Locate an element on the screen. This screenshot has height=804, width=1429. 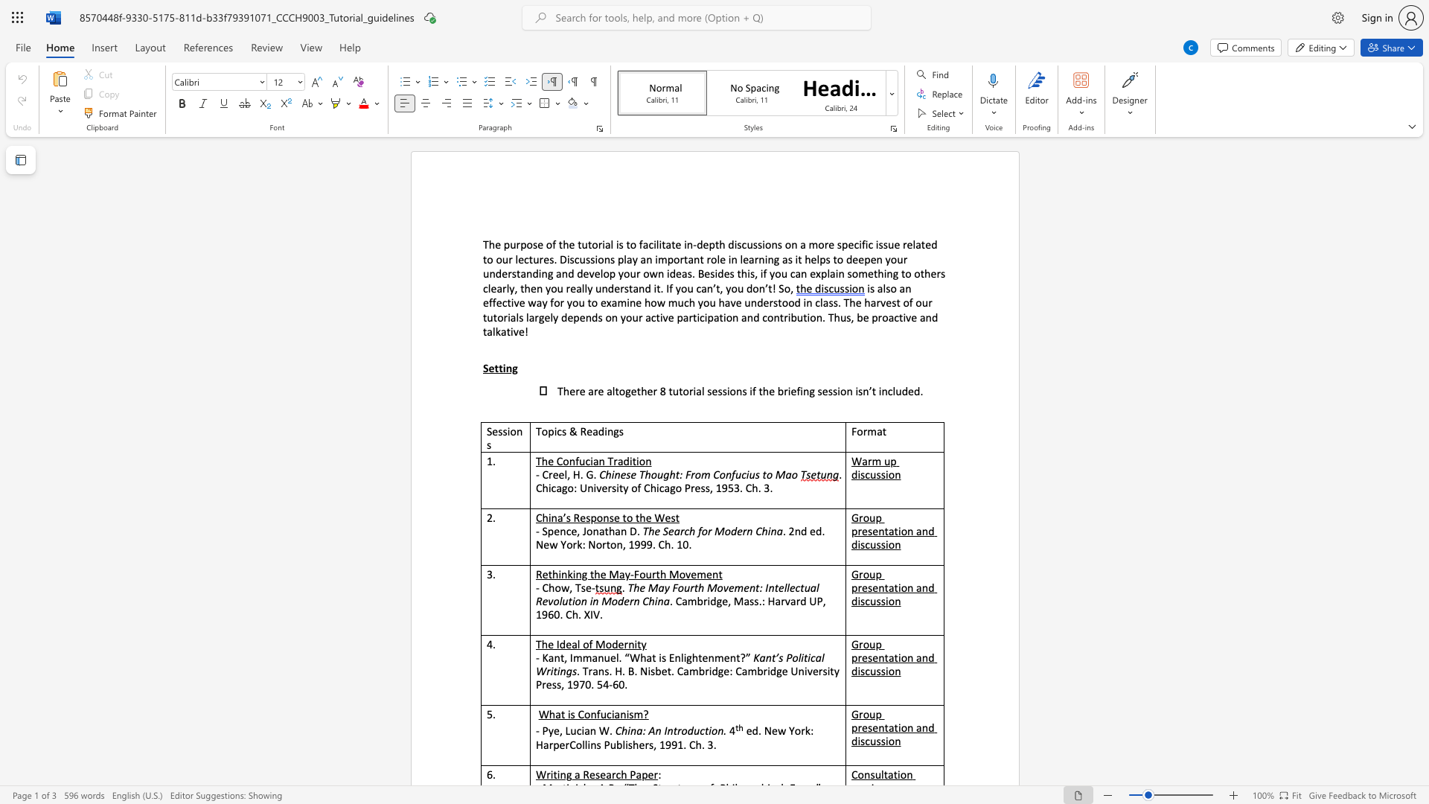
the subset text "ridge: Cambridge University Pre" within the text ". Trans. H. B. Nisbet. Cambridge: Cambridge University Press, 1970. 54-60." is located at coordinates (704, 671).